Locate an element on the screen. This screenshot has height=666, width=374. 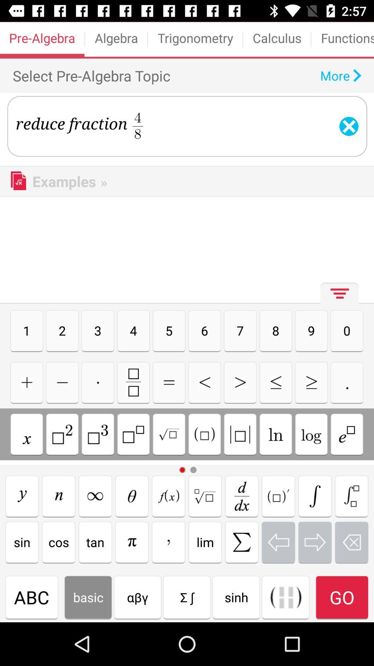
symbol is located at coordinates (26, 434).